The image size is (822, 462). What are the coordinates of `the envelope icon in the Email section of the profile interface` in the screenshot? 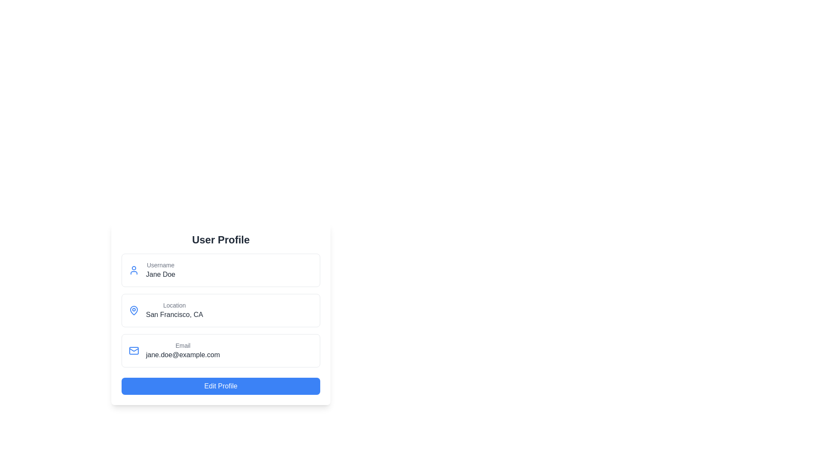 It's located at (133, 351).